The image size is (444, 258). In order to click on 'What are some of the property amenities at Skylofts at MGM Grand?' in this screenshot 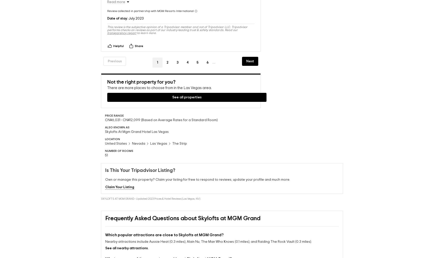, I will do `click(168, 254)`.